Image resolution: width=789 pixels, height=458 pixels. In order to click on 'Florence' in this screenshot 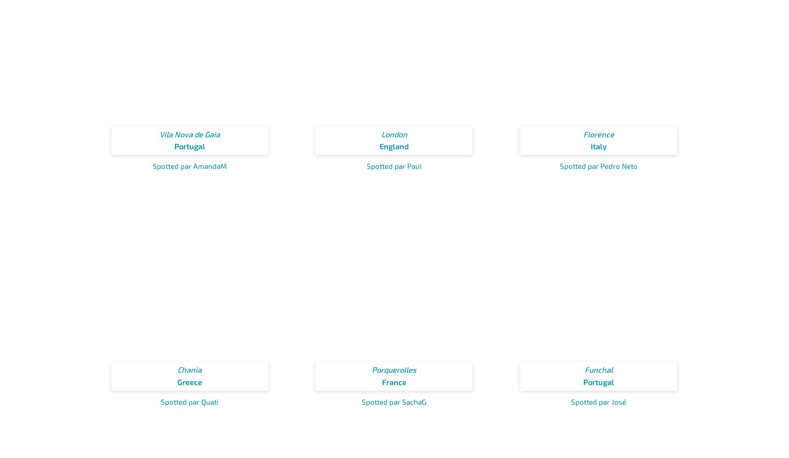, I will do `click(582, 134)`.